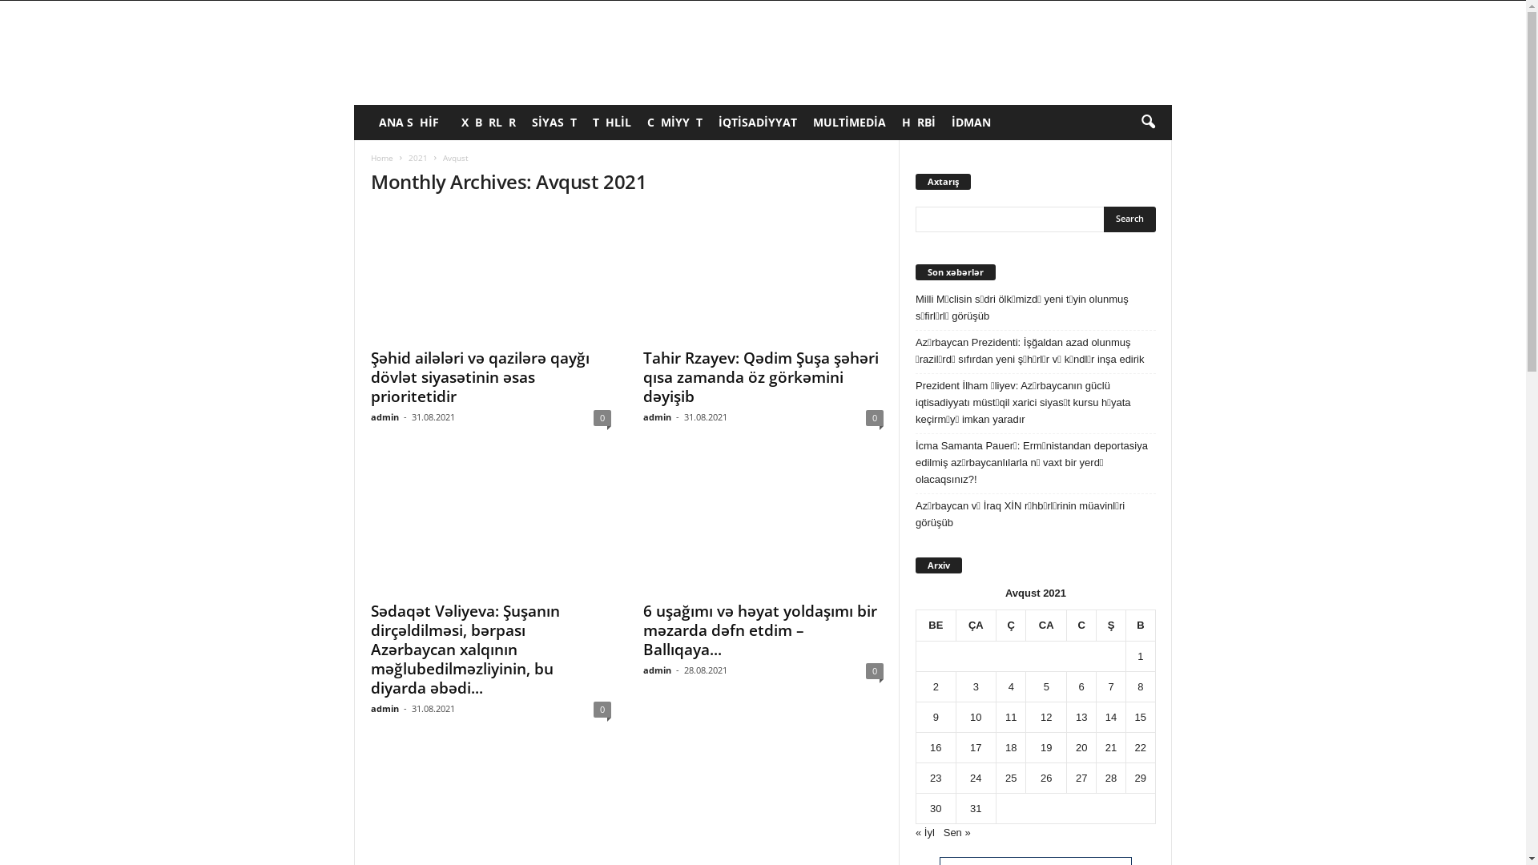  I want to click on '31', so click(968, 808).